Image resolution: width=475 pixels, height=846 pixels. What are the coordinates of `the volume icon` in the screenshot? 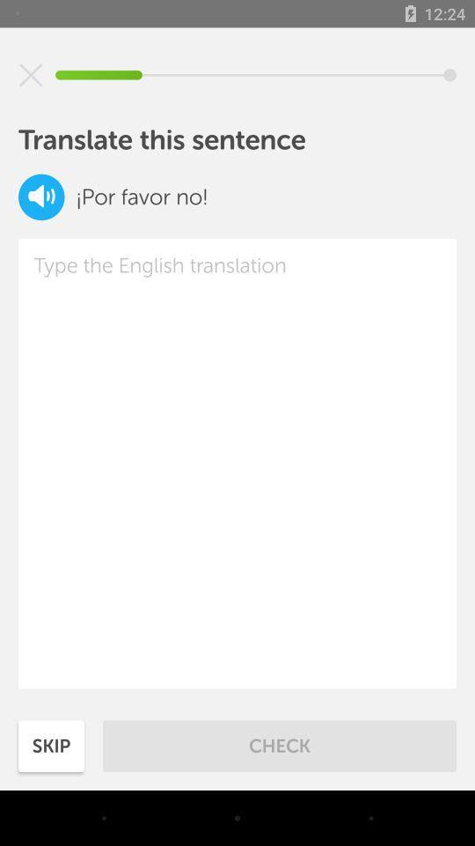 It's located at (41, 197).